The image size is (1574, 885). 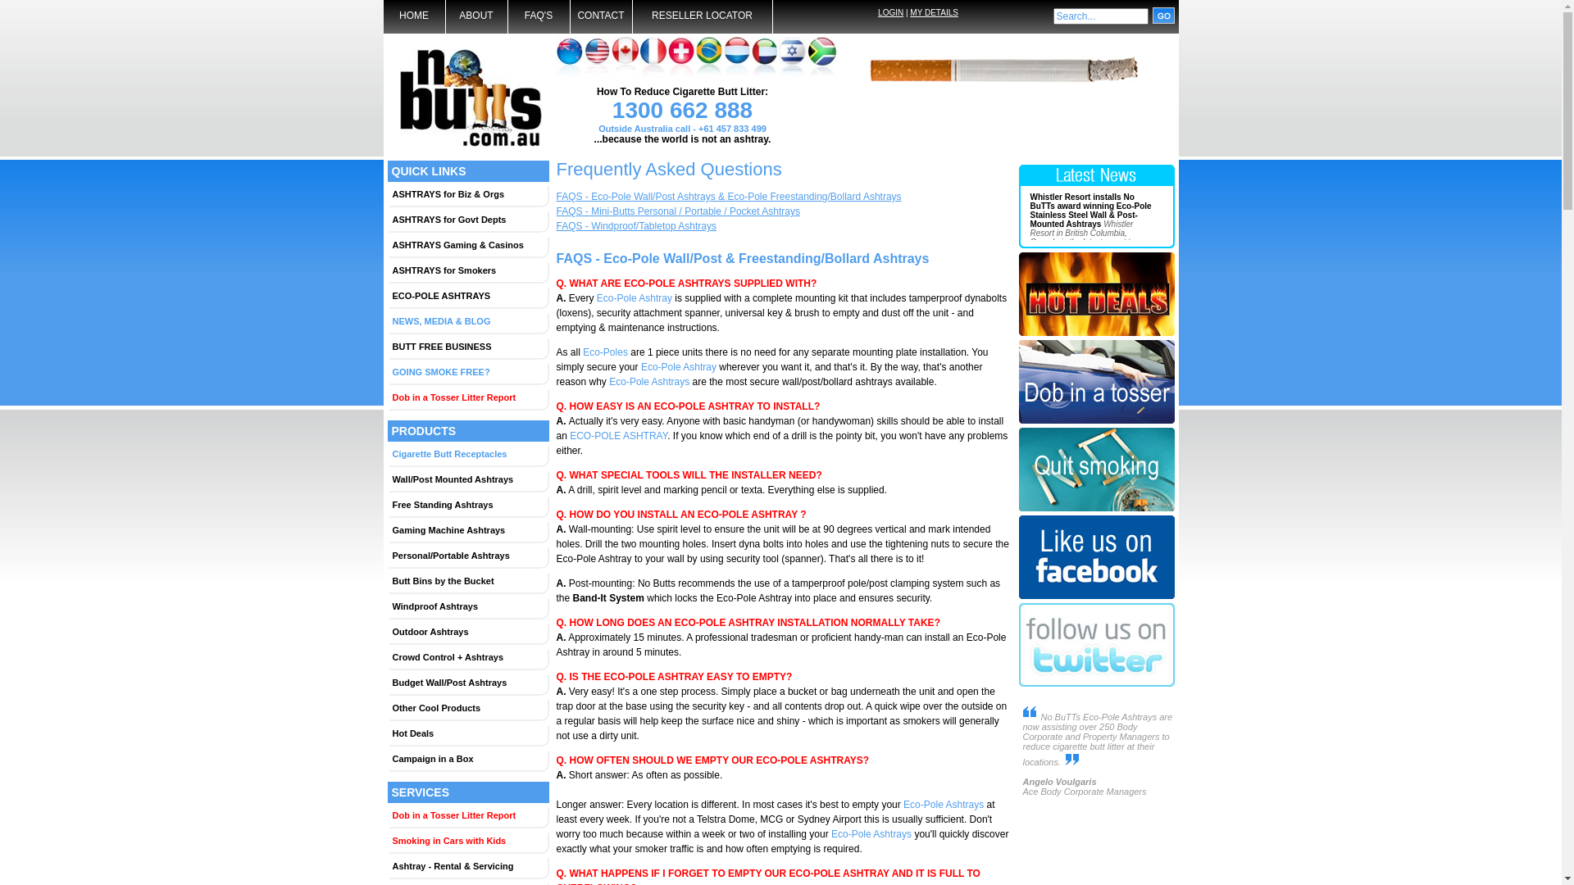 I want to click on 'ECO-POLE ASHTRAYS', so click(x=467, y=296).